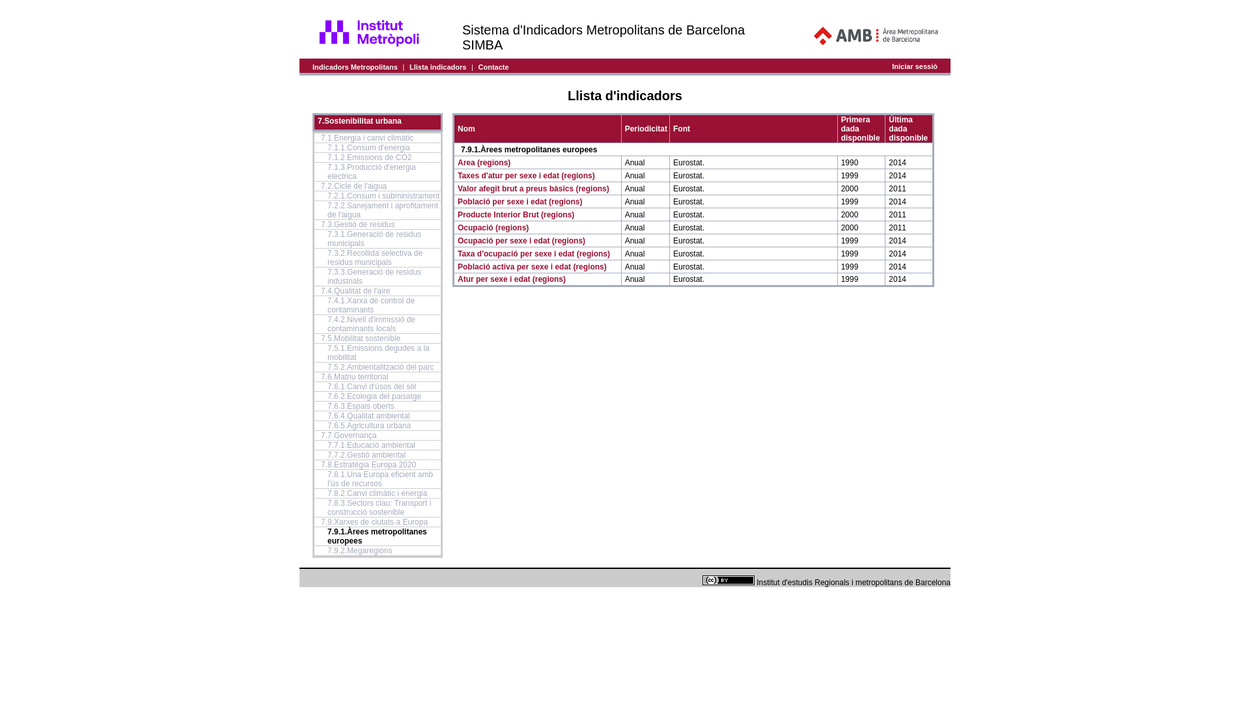 The width and height of the screenshot is (1250, 703). Describe the element at coordinates (374, 258) in the screenshot. I see `'7.3.2.Recollida selectiva de residus municipals'` at that location.